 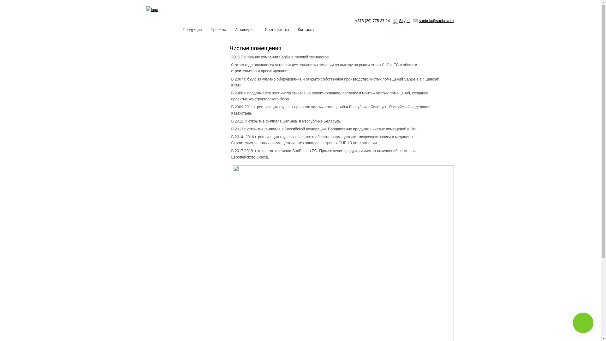 I want to click on 'Skype', so click(x=404, y=20).